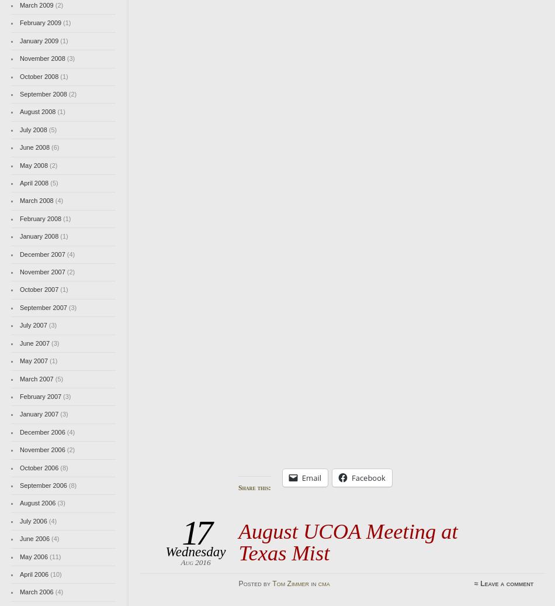  I want to click on 'June 2008', so click(19, 147).